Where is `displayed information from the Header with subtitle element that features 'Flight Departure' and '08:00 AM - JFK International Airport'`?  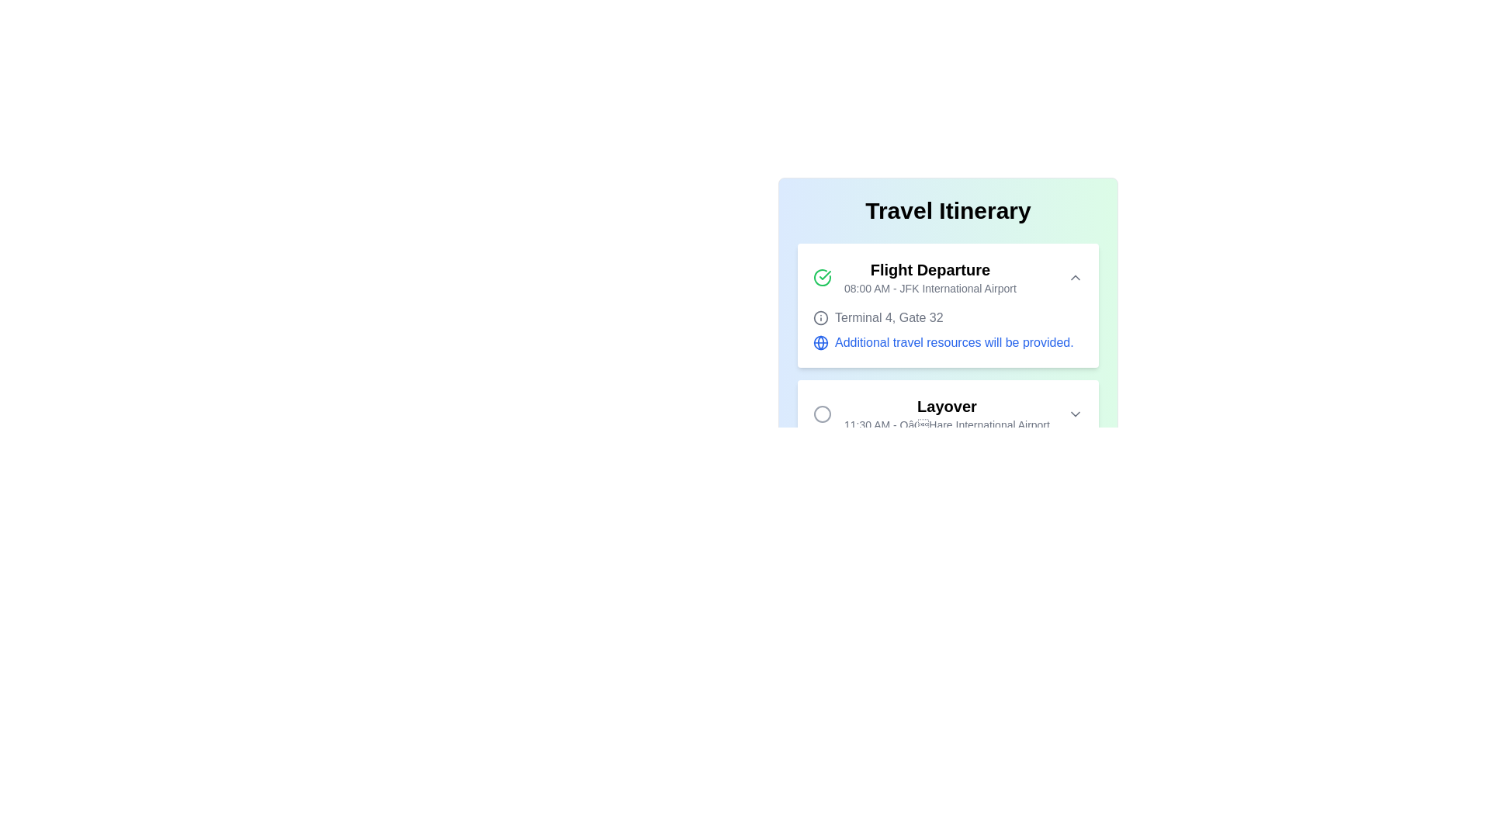 displayed information from the Header with subtitle element that features 'Flight Departure' and '08:00 AM - JFK International Airport' is located at coordinates (930, 277).